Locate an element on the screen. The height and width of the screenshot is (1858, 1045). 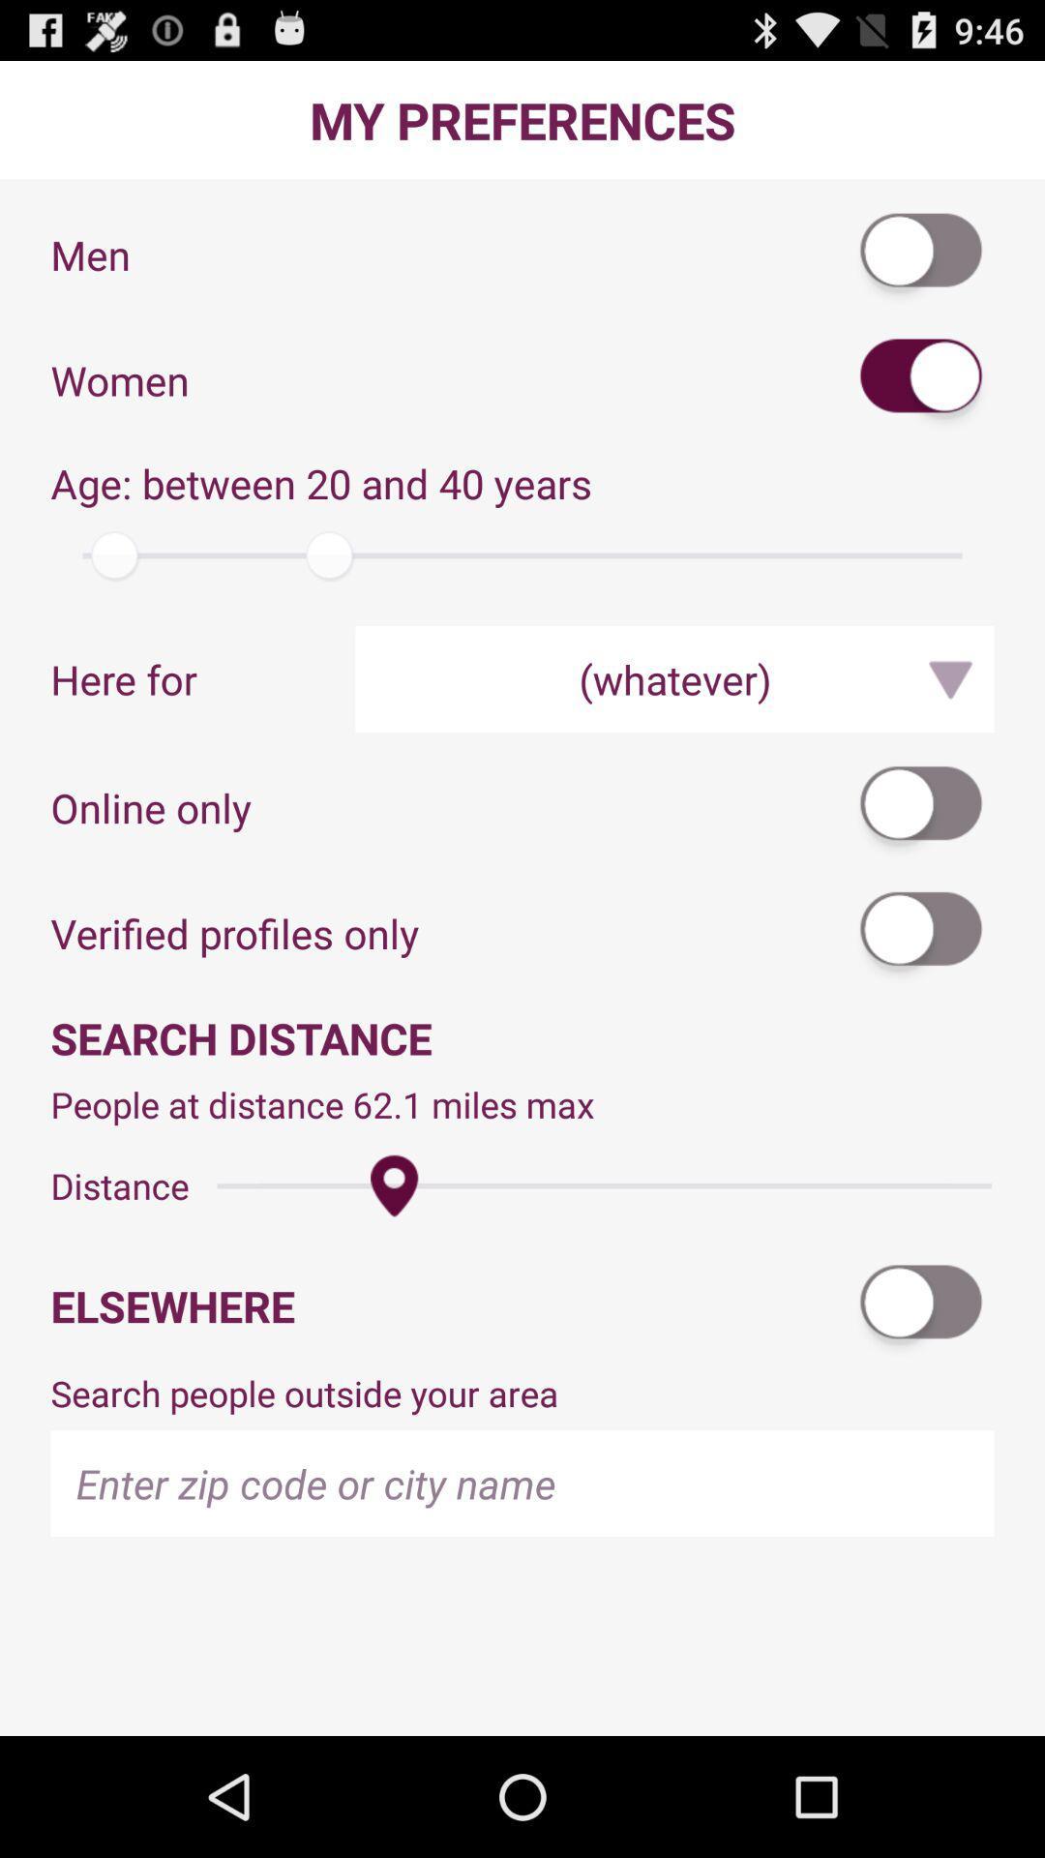
gender preference is located at coordinates (921, 380).